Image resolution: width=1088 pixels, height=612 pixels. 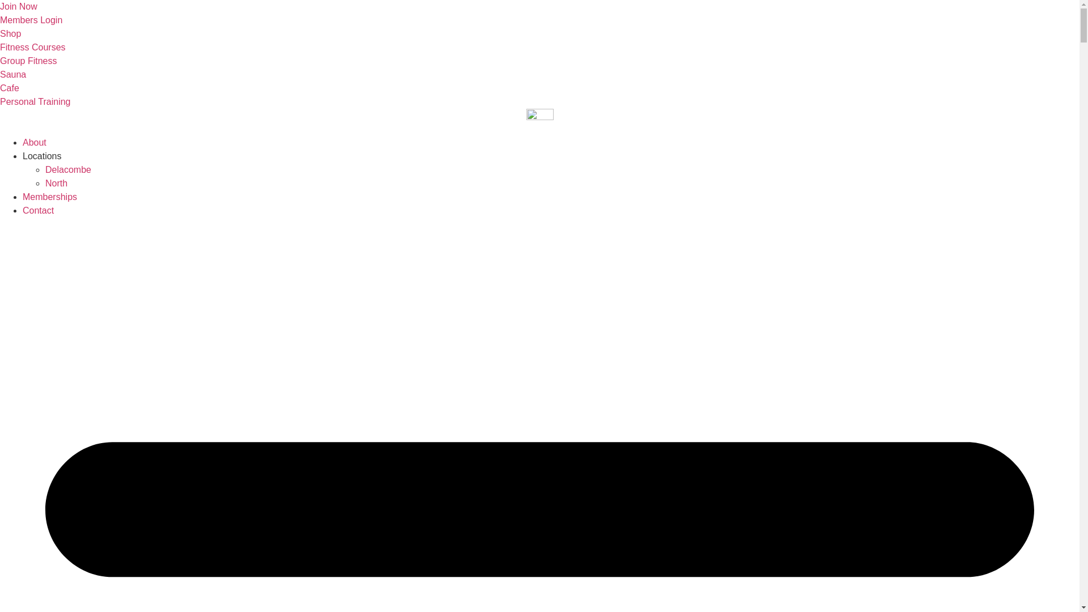 What do you see at coordinates (45, 182) in the screenshot?
I see `'North'` at bounding box center [45, 182].